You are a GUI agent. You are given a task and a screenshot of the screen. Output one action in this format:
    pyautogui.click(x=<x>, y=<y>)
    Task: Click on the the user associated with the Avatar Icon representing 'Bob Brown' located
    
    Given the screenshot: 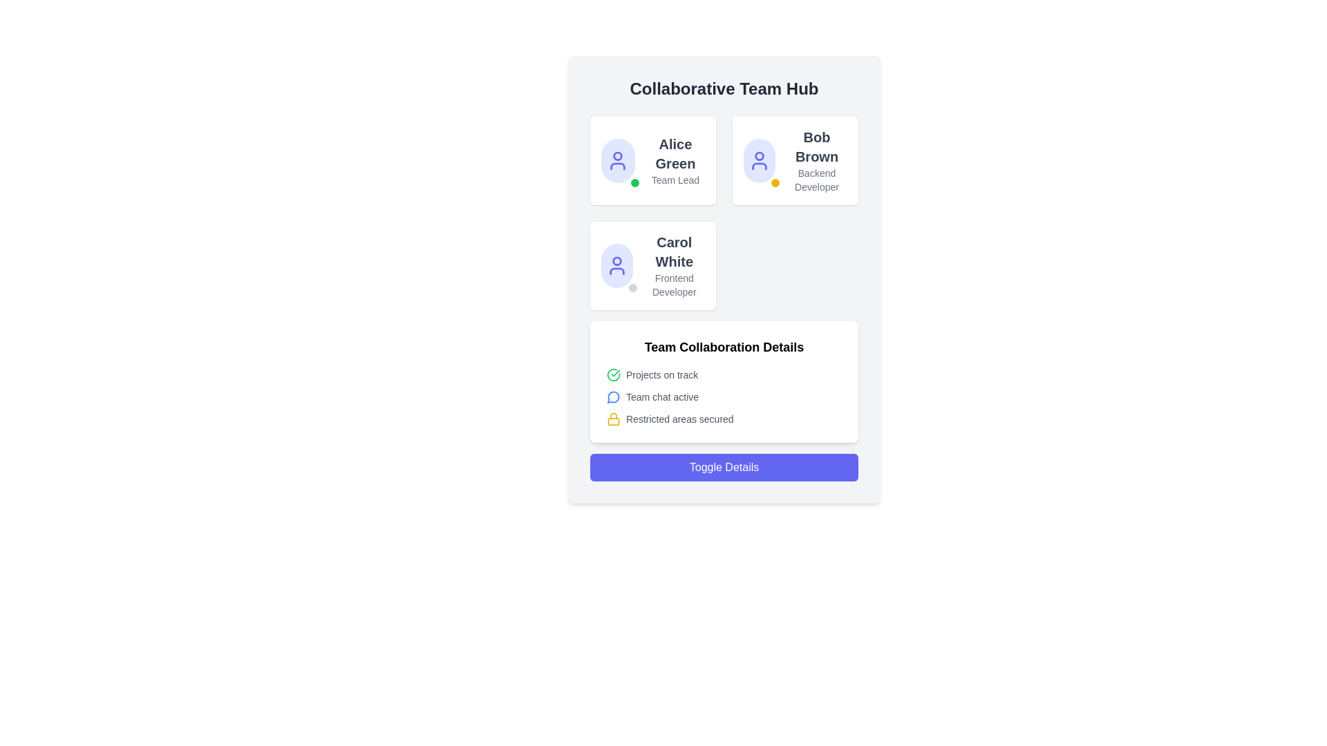 What is the action you would take?
    pyautogui.click(x=759, y=160)
    